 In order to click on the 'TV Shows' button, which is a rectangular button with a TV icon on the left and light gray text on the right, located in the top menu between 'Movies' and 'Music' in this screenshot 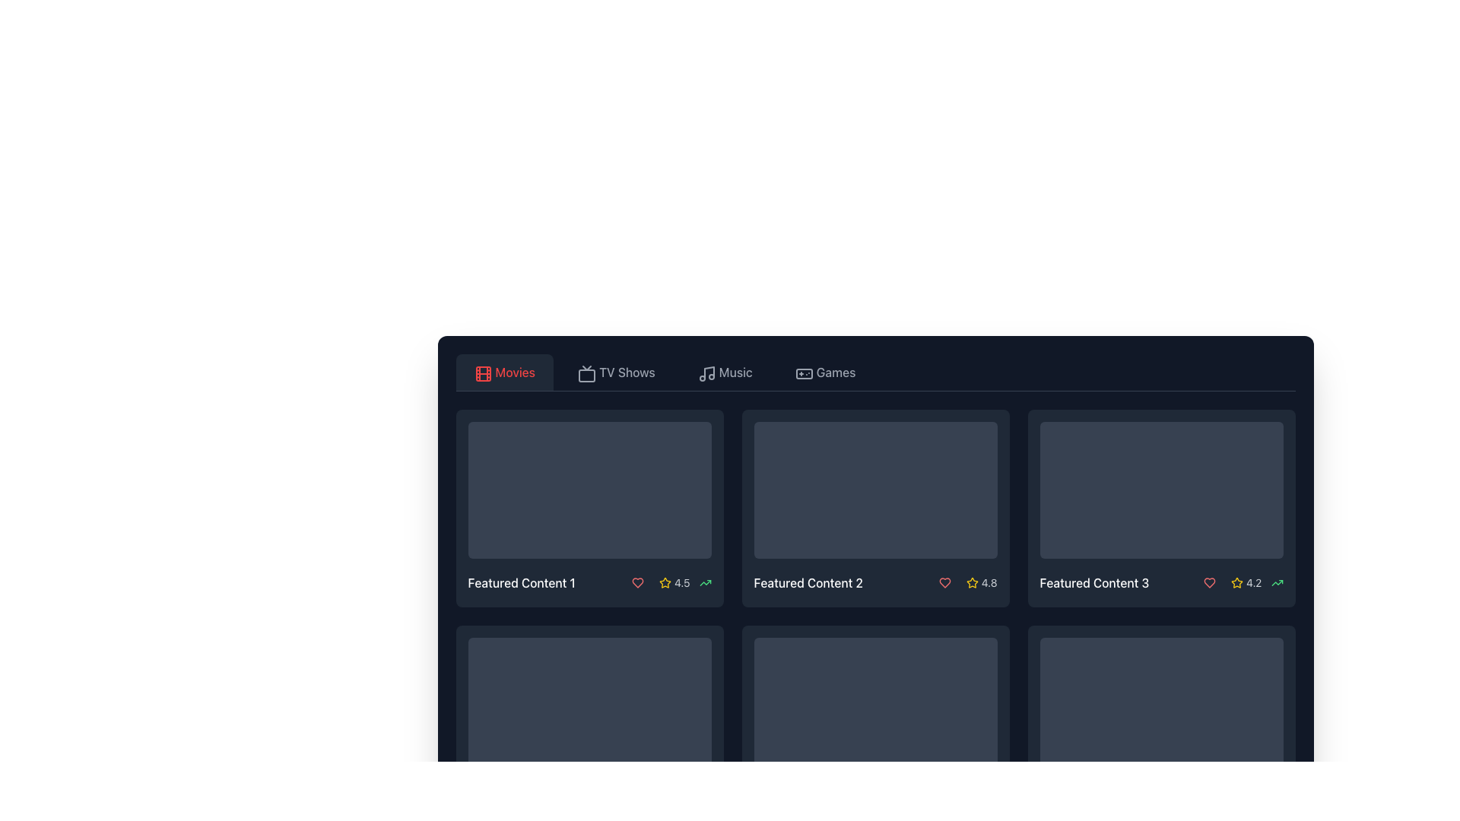, I will do `click(616, 372)`.